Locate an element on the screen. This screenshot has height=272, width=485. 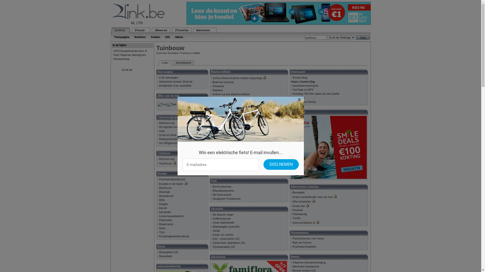
'bouwteamwoning.be' is located at coordinates (305, 85).